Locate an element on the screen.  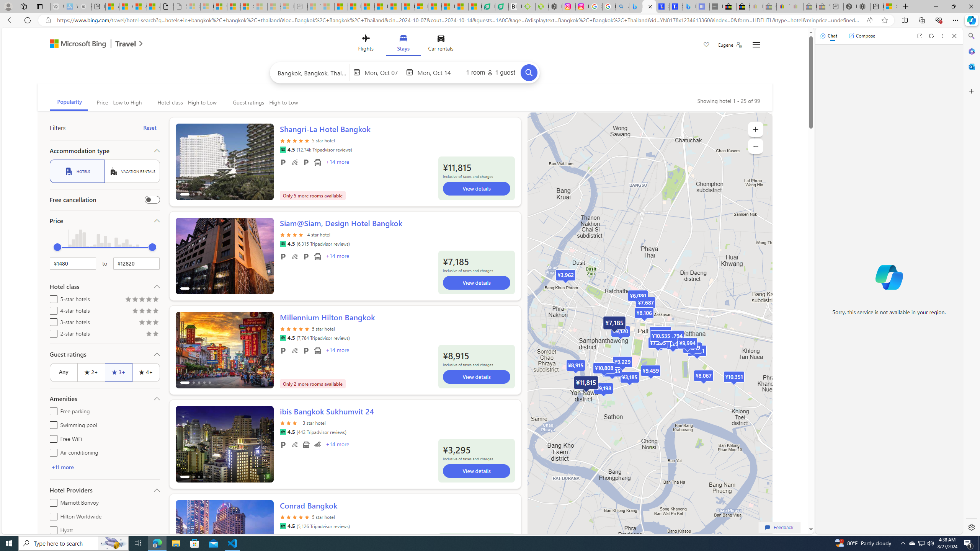
'Hotel class - High to Low' is located at coordinates (186, 102).